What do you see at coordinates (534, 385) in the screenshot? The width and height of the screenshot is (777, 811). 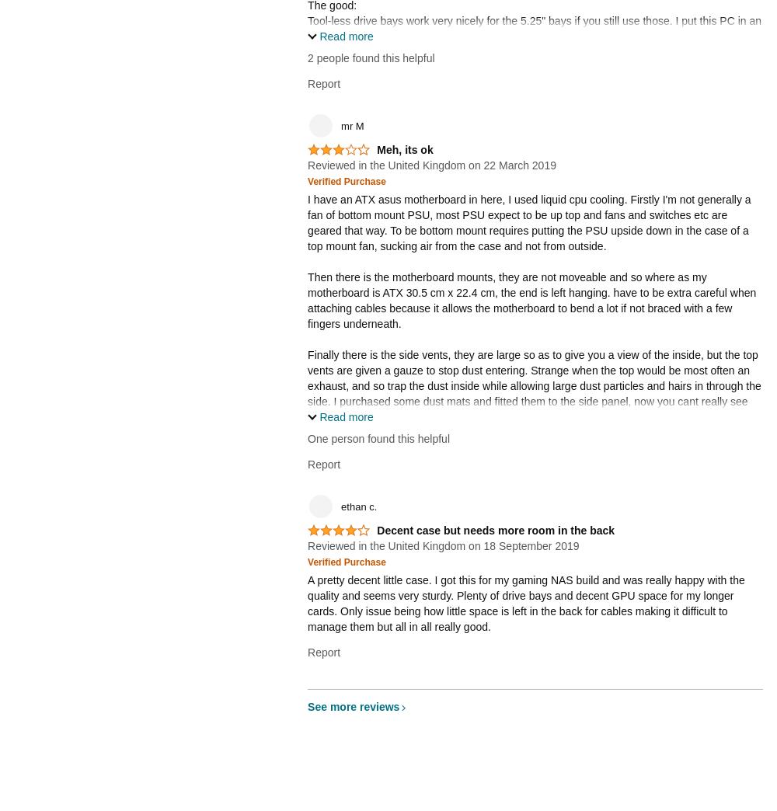 I see `'Finally there is the side vents, they are large so as to give you a view of the inside, but the top vents are given a gauze to stop dust entering. Strange when the top would be most often an exhaust, and so trap the dust inside while allowing large dust particles and hairs in through the side. I purchased some dust mats and fitted them to the side panel, now you cant really see the inside .'` at bounding box center [534, 385].